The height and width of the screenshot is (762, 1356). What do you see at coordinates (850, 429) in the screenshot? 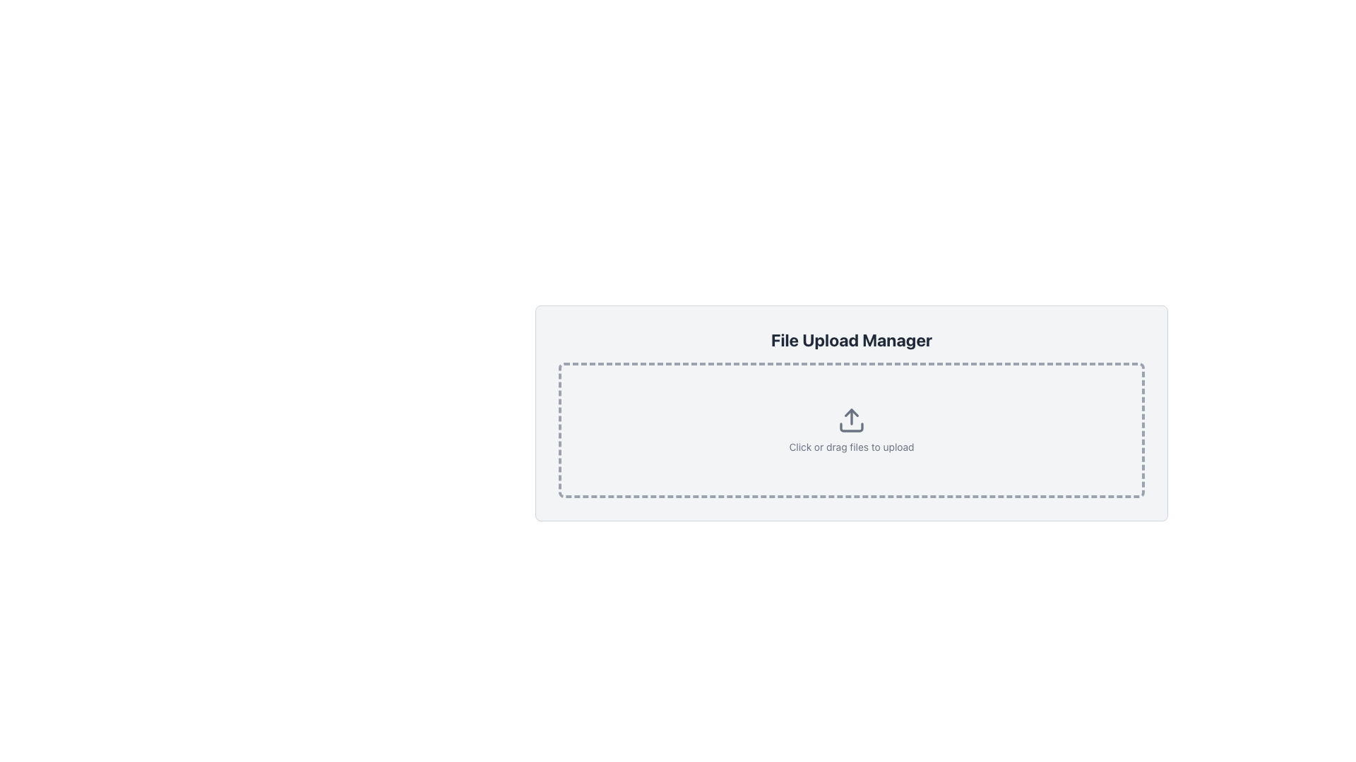
I see `the 'File Upload Manager' element, which is a combined UI component with an icon and a text label` at bounding box center [850, 429].